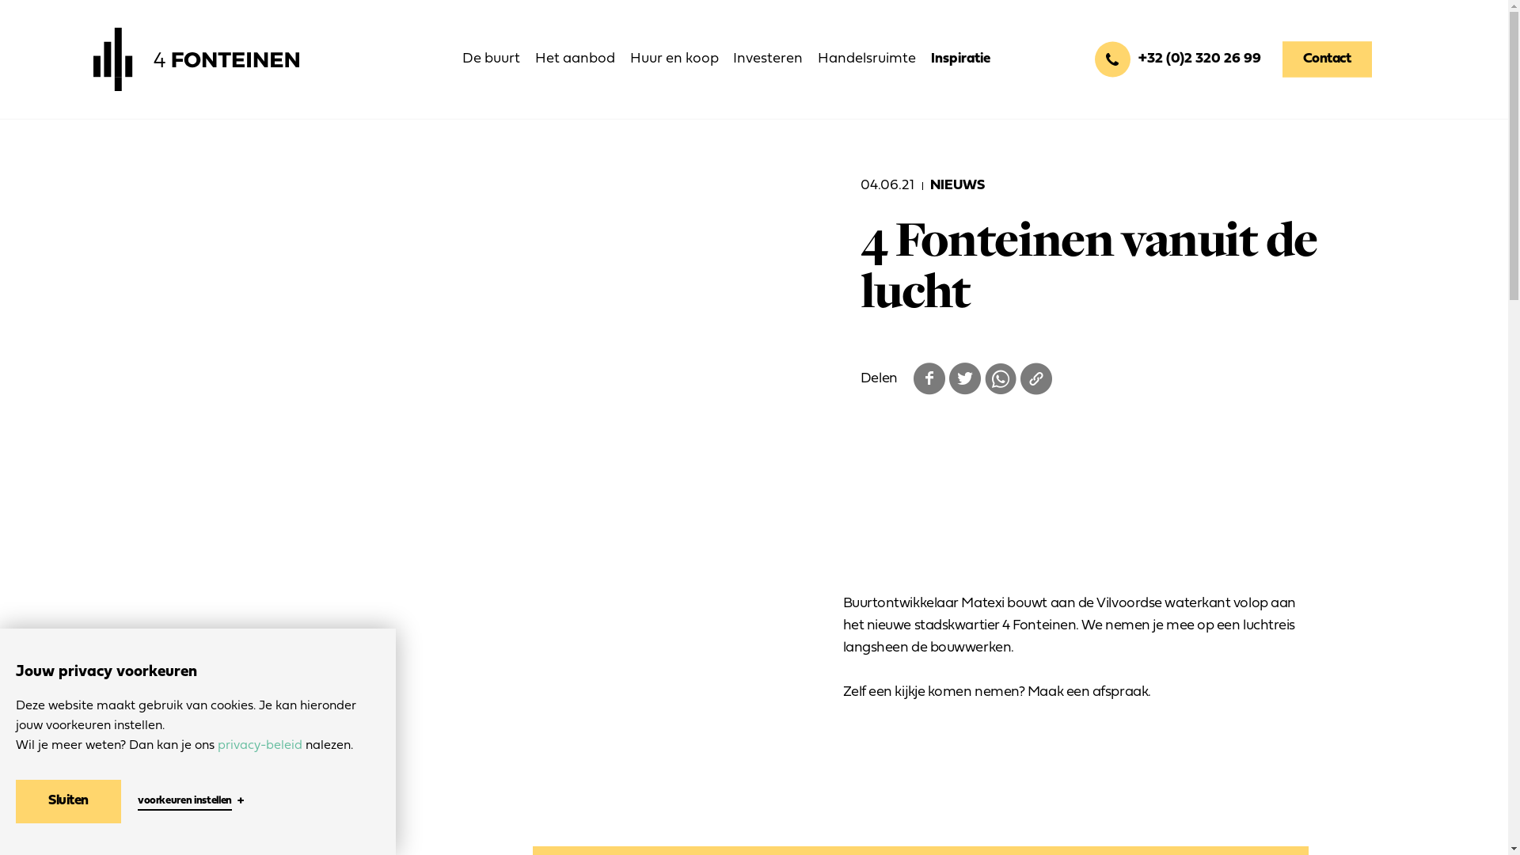 Image resolution: width=1520 pixels, height=855 pixels. Describe the element at coordinates (959, 58) in the screenshot. I see `'Inspiratie'` at that location.